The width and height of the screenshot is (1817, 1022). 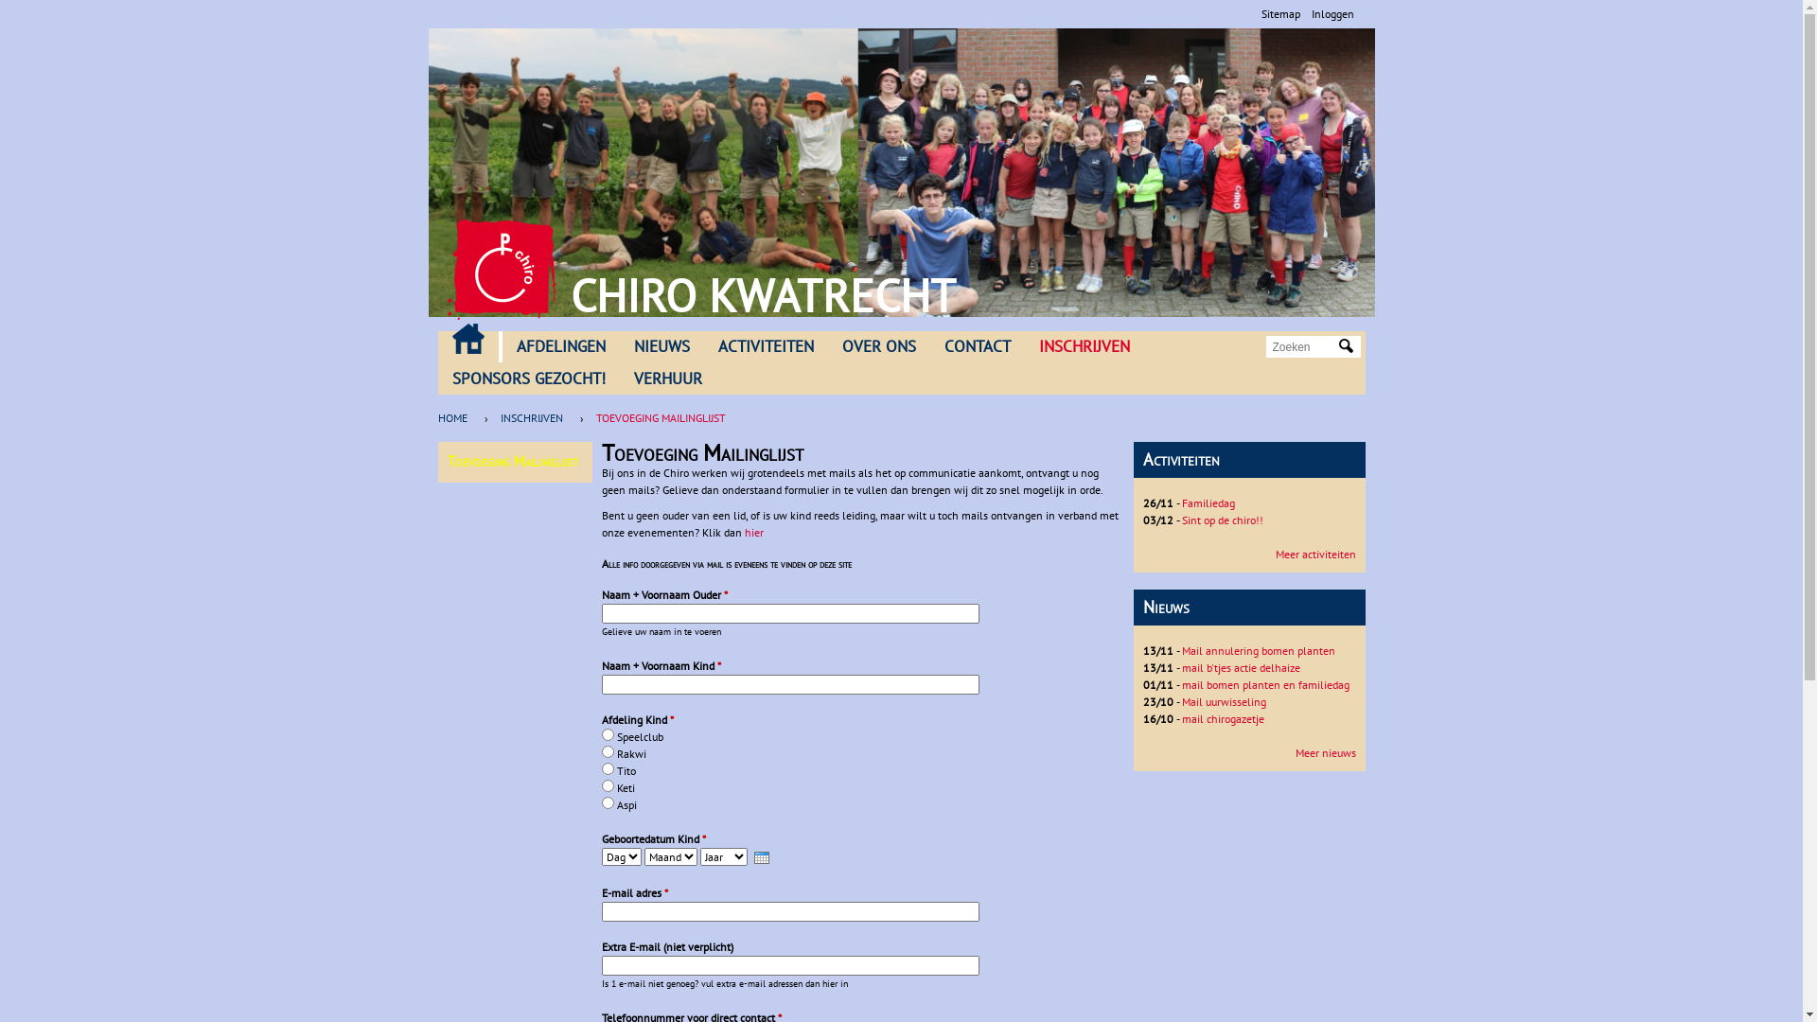 What do you see at coordinates (929, 346) in the screenshot?
I see `'CONTACT'` at bounding box center [929, 346].